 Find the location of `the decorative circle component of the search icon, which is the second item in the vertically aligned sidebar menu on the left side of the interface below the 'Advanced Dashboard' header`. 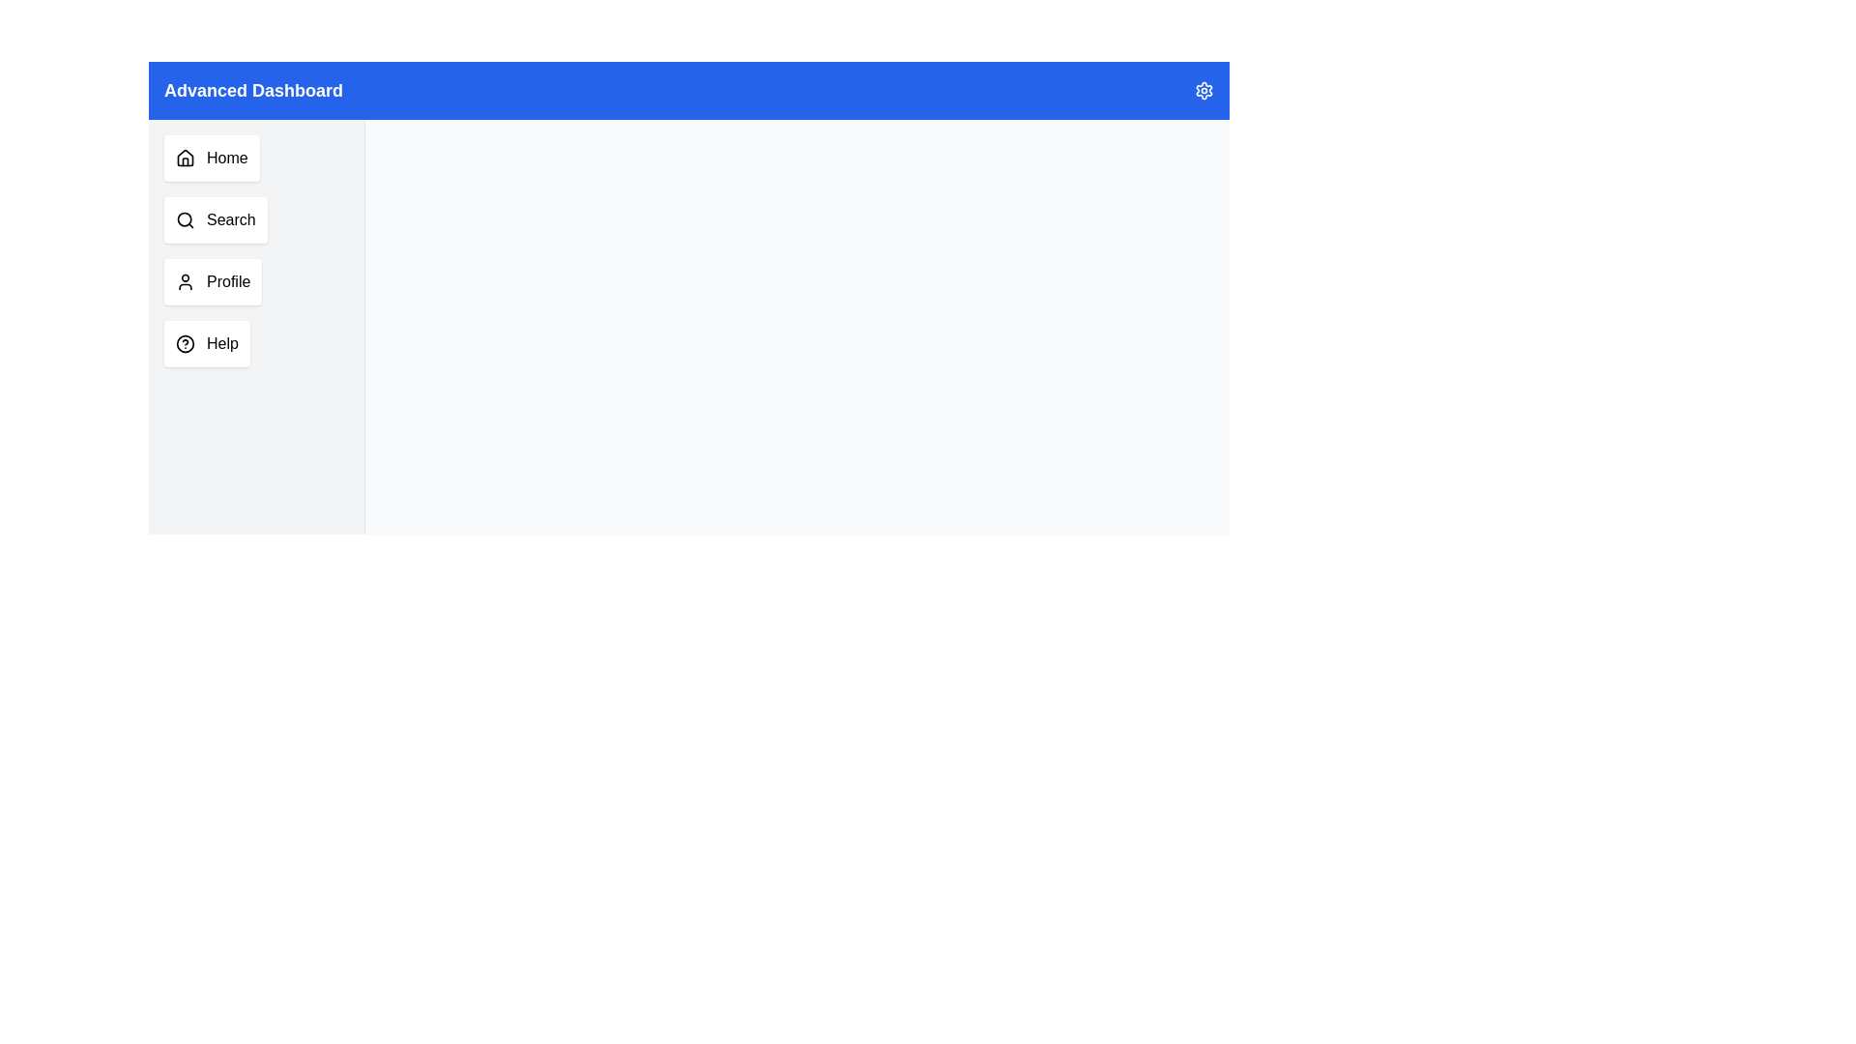

the decorative circle component of the search icon, which is the second item in the vertically aligned sidebar menu on the left side of the interface below the 'Advanced Dashboard' header is located at coordinates (185, 218).